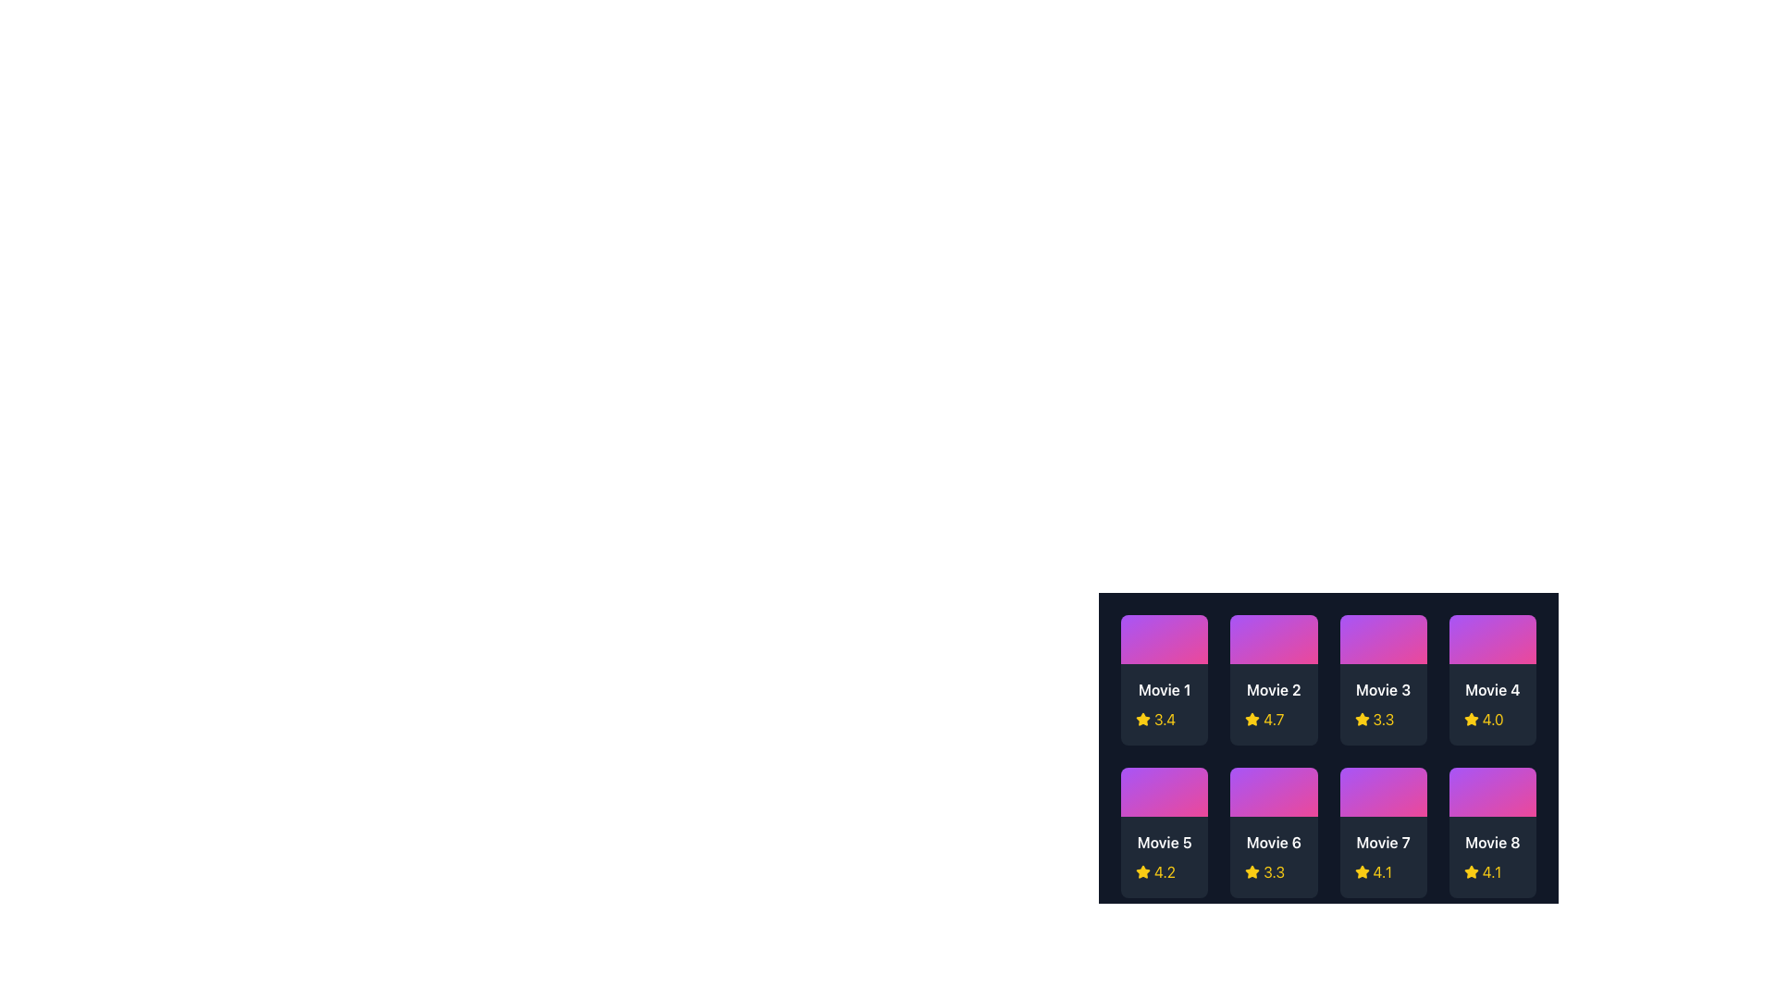 The image size is (1776, 999). Describe the element at coordinates (1470, 871) in the screenshot. I see `the star icon located in the bottom right corner of the 'Movie 8' card to rate it` at that location.